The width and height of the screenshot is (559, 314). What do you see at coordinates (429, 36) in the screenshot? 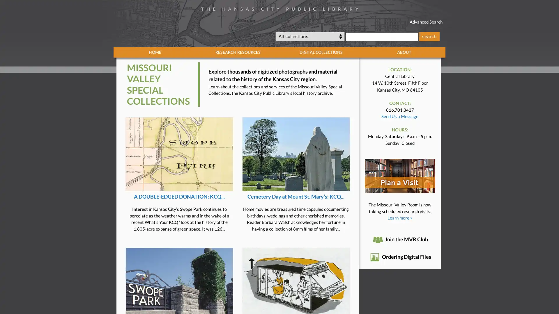
I see `search` at bounding box center [429, 36].